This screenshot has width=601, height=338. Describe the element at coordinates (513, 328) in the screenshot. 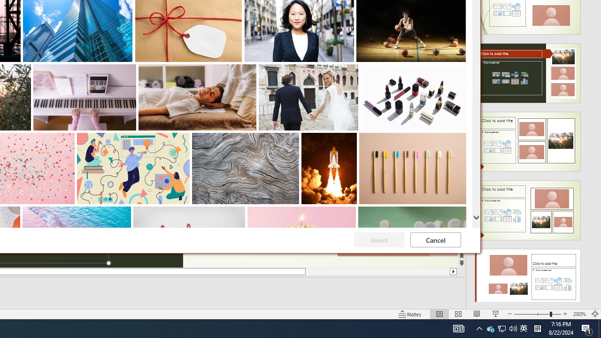

I see `'Q2790: 100%'` at that location.